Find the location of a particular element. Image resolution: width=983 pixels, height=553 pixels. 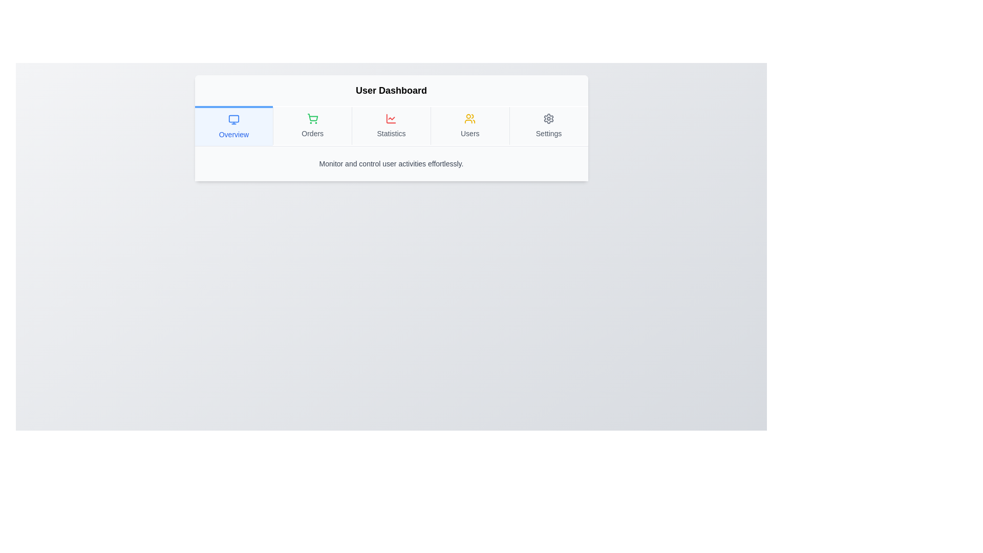

the descriptive text label located below the navigation tabs in the 'User Dashboard' interface, which conveys functionality or feature information is located at coordinates (391, 163).